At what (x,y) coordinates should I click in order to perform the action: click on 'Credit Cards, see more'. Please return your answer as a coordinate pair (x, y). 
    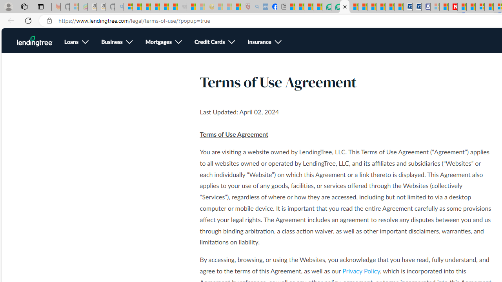
    Looking at the image, I should click on (215, 42).